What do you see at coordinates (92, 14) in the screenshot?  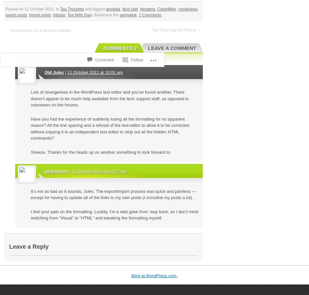 I see `'. Bookmark the'` at bounding box center [92, 14].